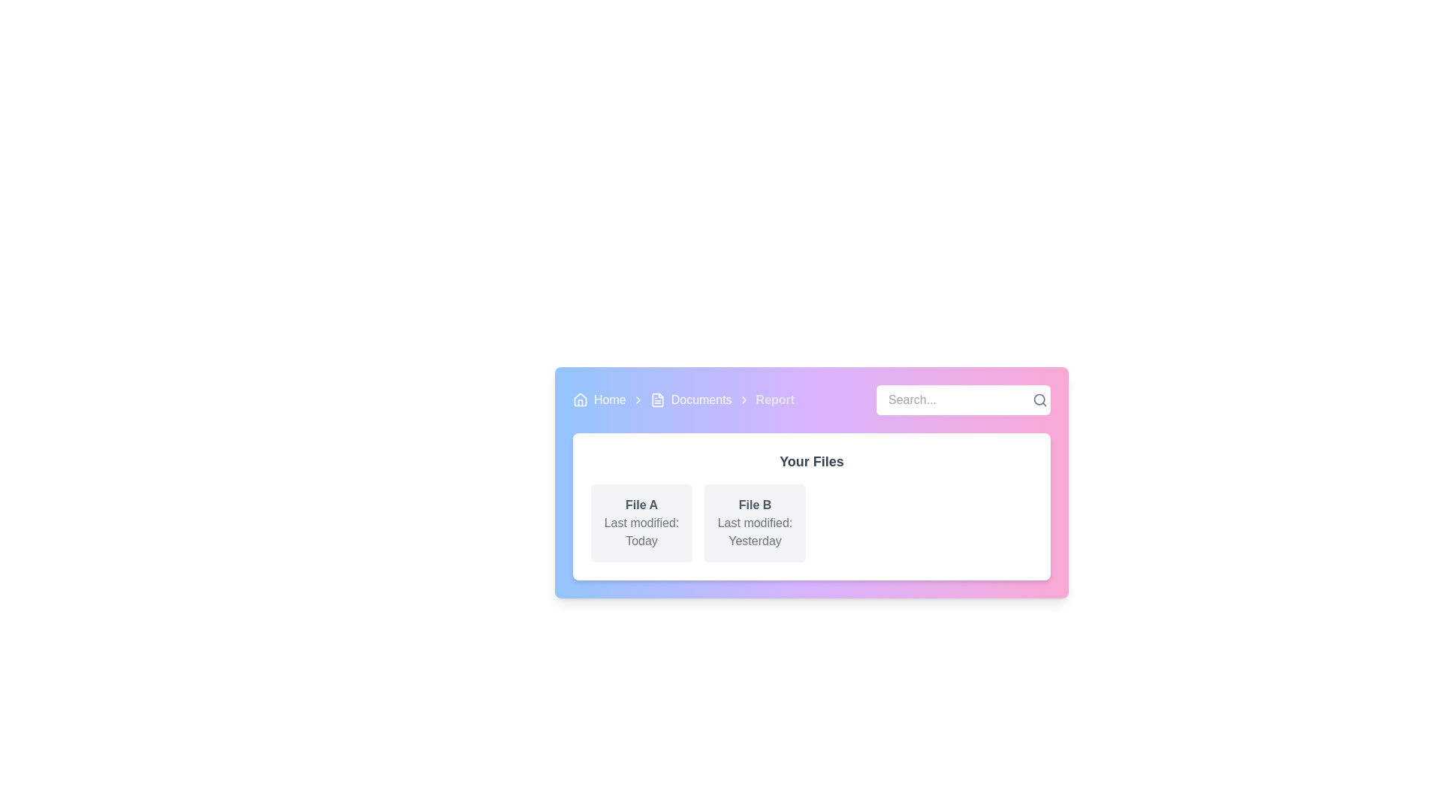 This screenshot has width=1442, height=811. I want to click on the 'File A' text label, which is displayed in bold dark-gray font at the top-left corner of a light-gray card in the 'Your Files' section, so click(641, 505).